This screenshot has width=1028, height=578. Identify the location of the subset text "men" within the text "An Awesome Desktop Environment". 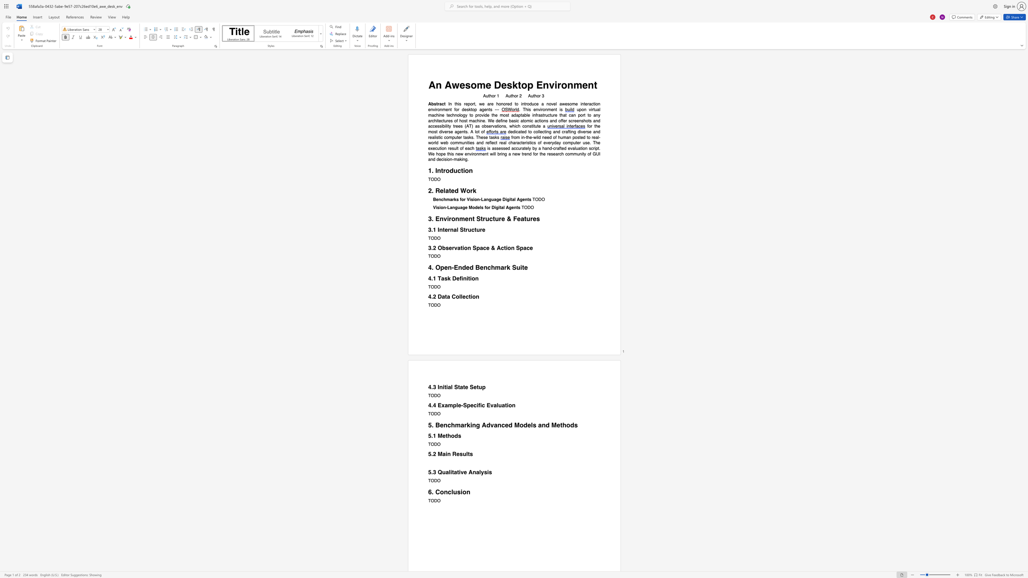
(573, 85).